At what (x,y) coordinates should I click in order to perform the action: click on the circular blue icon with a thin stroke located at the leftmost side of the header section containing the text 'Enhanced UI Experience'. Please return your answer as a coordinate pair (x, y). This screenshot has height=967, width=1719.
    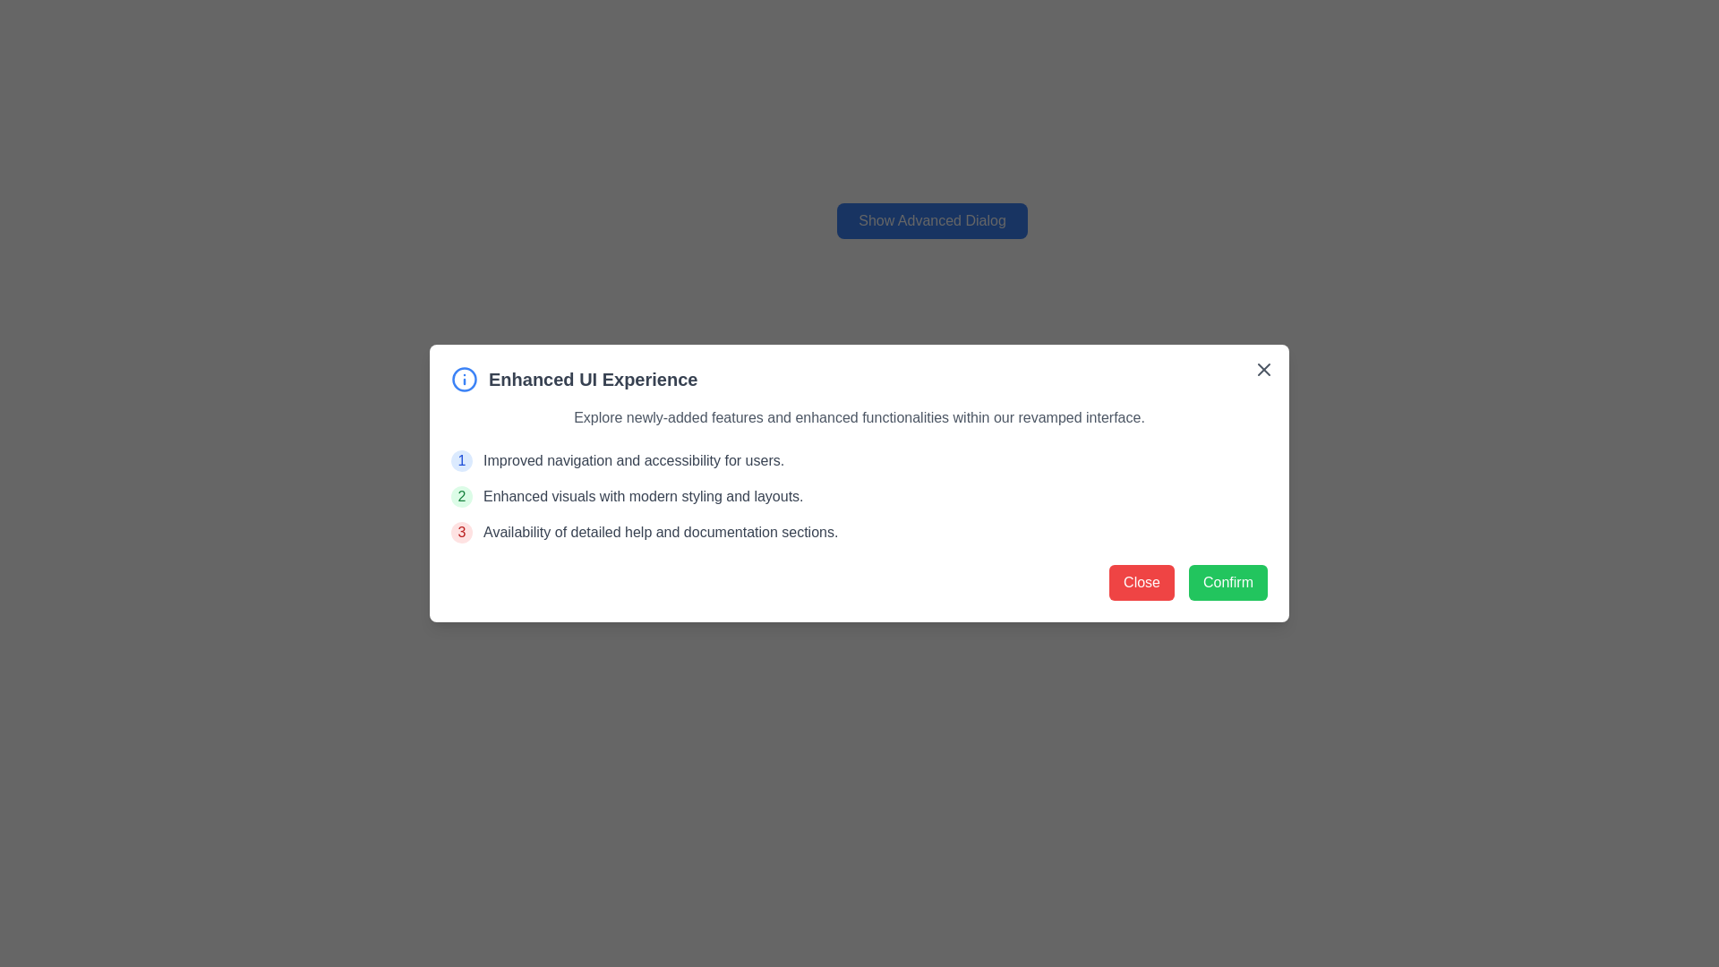
    Looking at the image, I should click on (464, 379).